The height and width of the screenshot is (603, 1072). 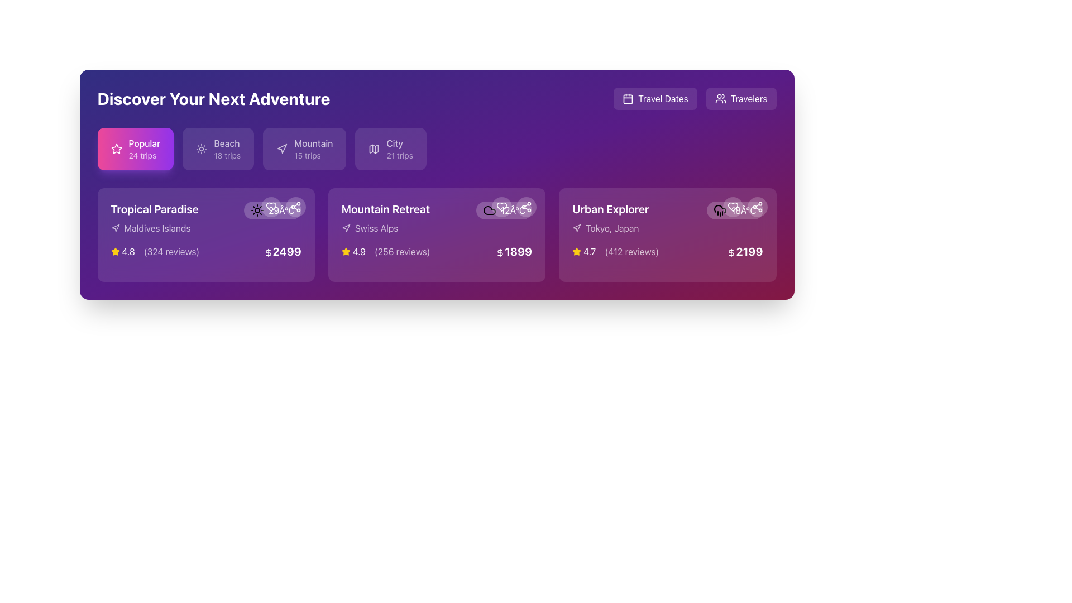 What do you see at coordinates (400, 148) in the screenshot?
I see `the 'City' text label which displays '21 trips'` at bounding box center [400, 148].